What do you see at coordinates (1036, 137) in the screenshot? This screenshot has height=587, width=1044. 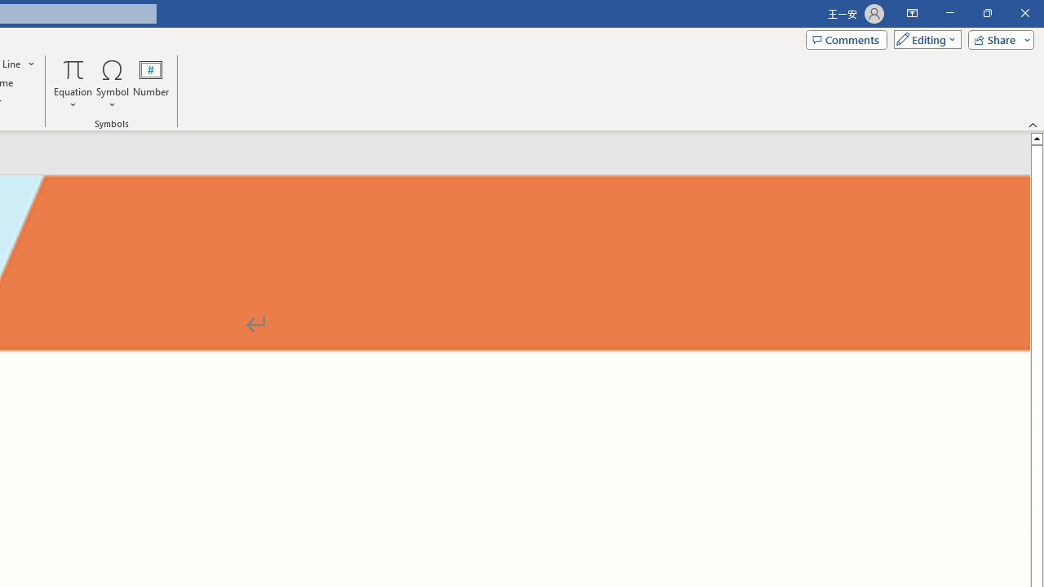 I see `'Line up'` at bounding box center [1036, 137].